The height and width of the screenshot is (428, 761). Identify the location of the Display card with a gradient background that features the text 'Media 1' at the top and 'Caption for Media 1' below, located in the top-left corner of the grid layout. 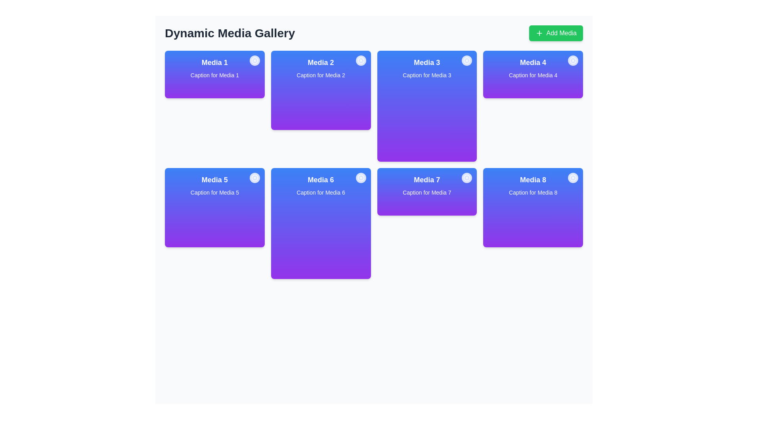
(214, 75).